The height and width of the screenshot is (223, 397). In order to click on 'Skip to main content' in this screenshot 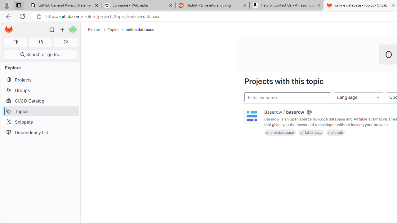, I will do `click(7, 27)`.